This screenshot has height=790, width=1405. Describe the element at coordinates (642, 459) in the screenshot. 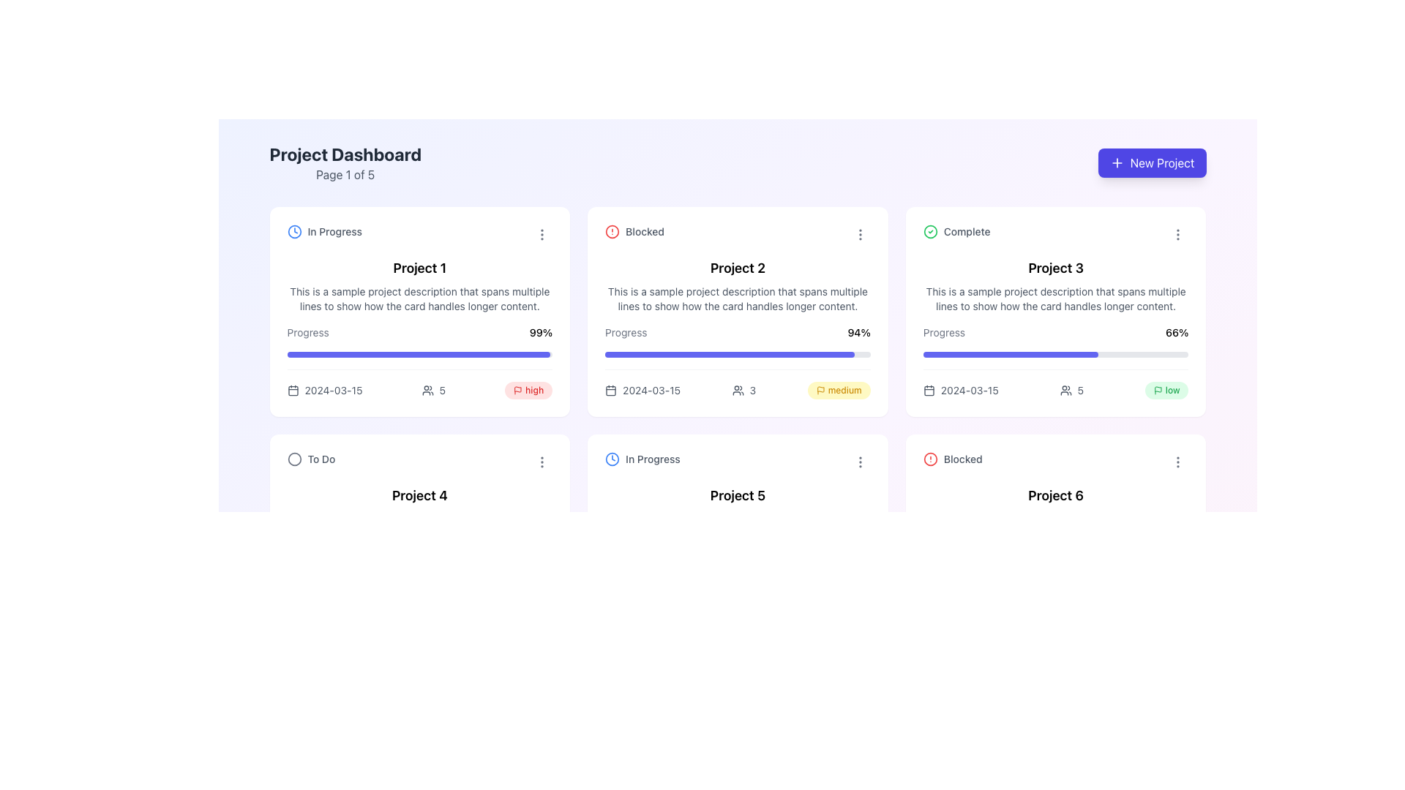

I see `status text from the Status Indicator located at the top-left corner of the 'Project 5' card in the second row, which provides visual and textual feedback about the project's progress` at that location.